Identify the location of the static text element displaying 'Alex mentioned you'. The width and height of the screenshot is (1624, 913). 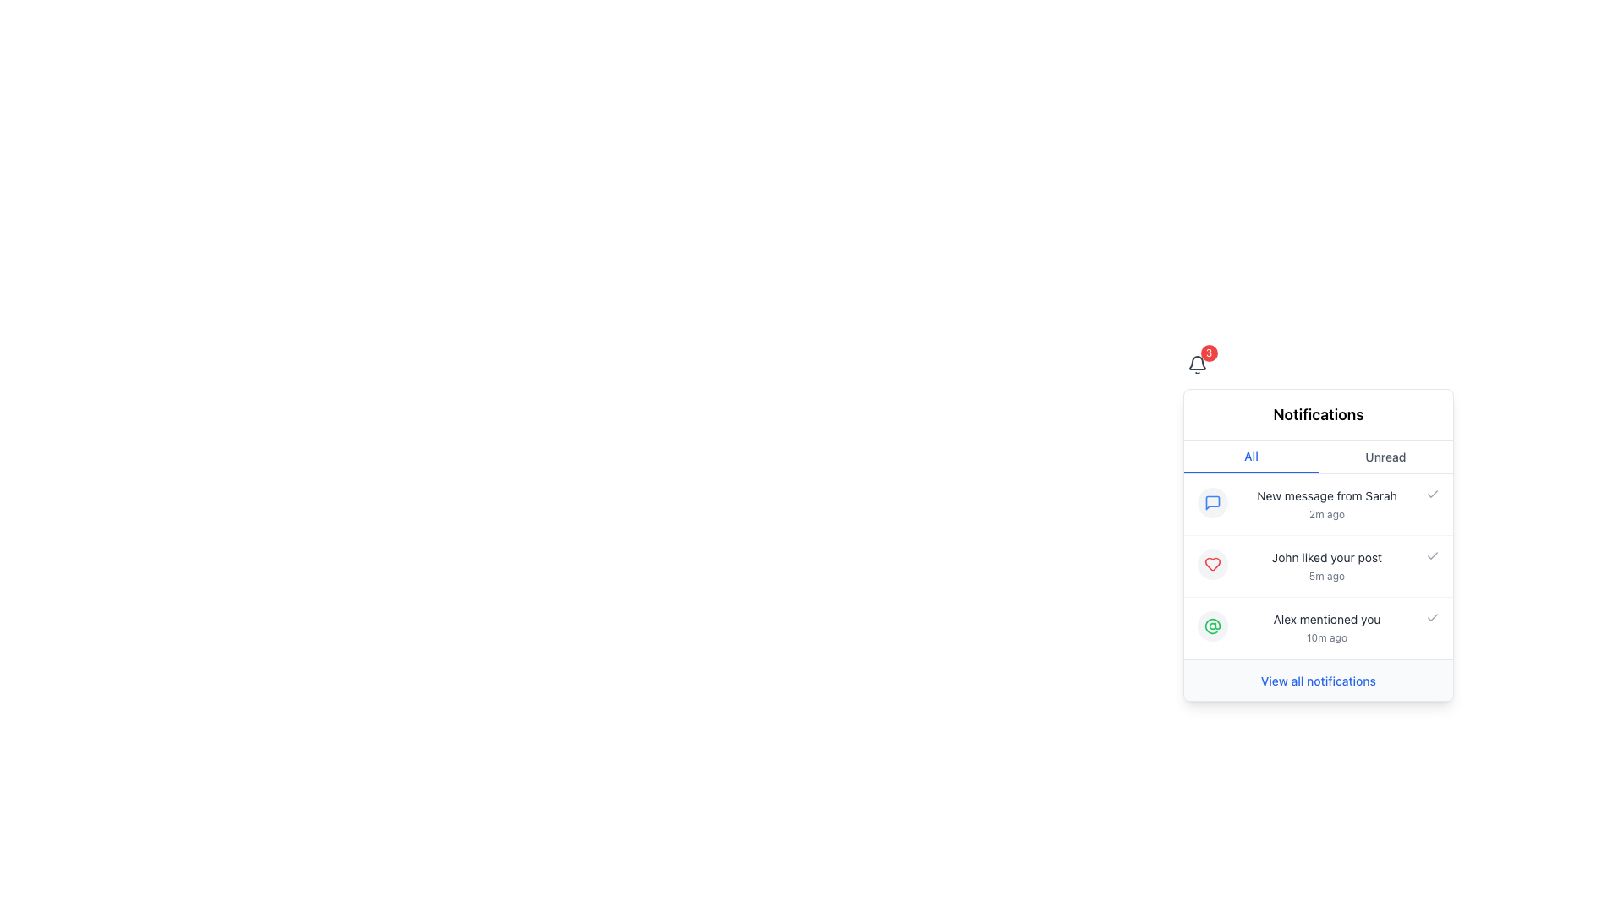
(1326, 619).